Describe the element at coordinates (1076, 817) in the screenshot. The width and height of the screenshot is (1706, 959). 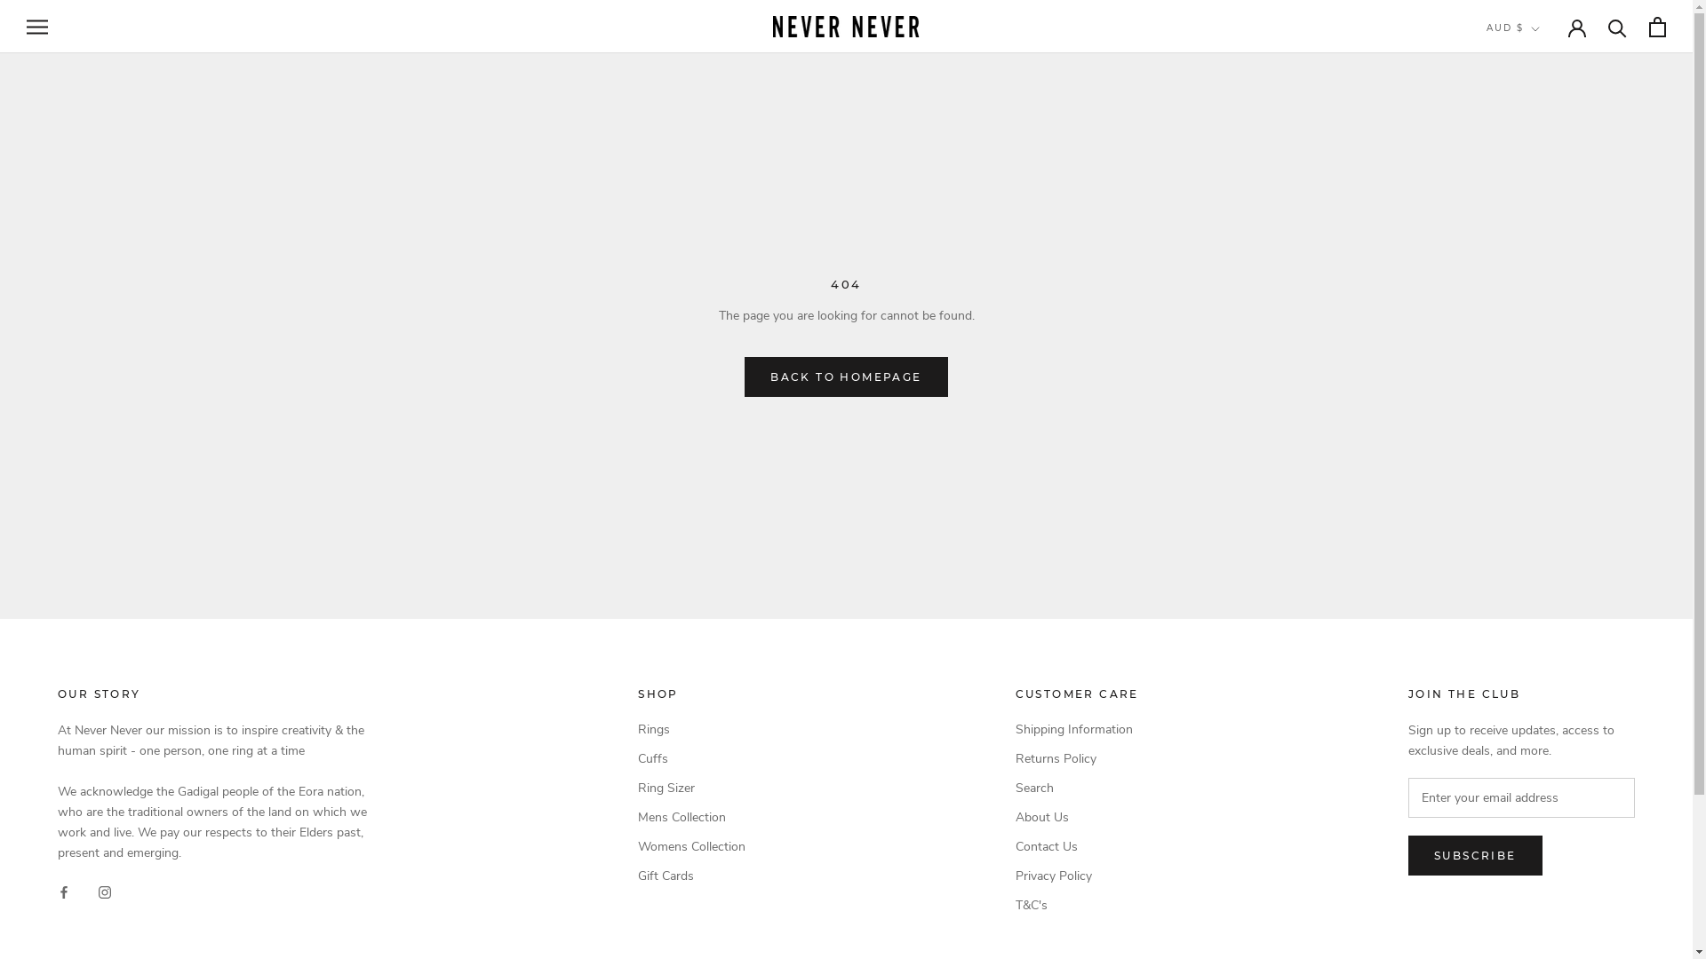
I see `'About Us'` at that location.